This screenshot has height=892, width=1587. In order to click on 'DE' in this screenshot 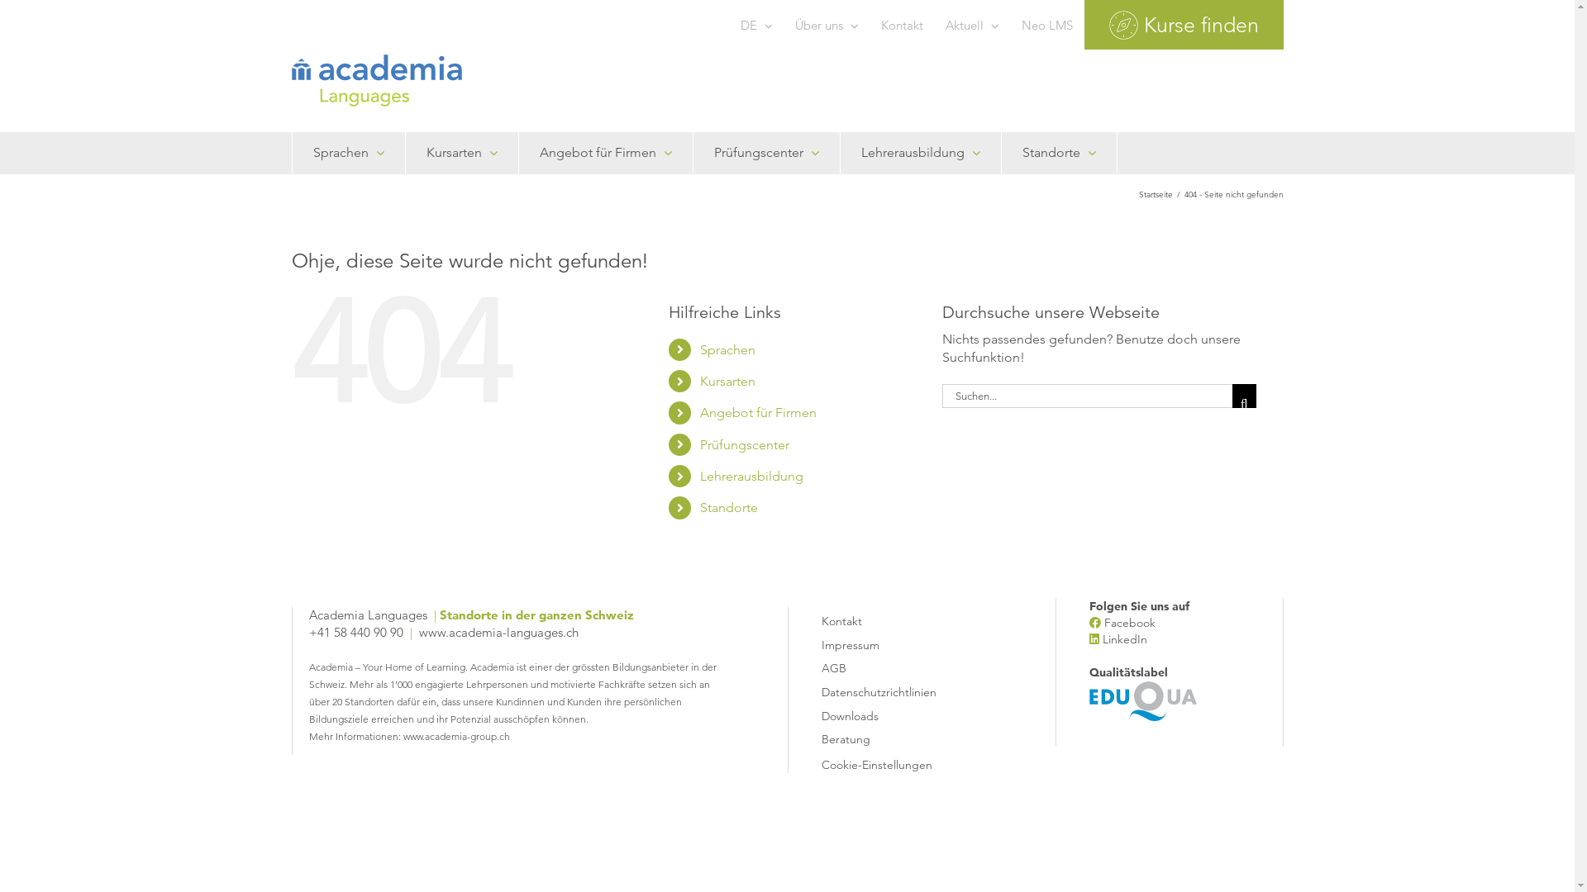, I will do `click(755, 25)`.